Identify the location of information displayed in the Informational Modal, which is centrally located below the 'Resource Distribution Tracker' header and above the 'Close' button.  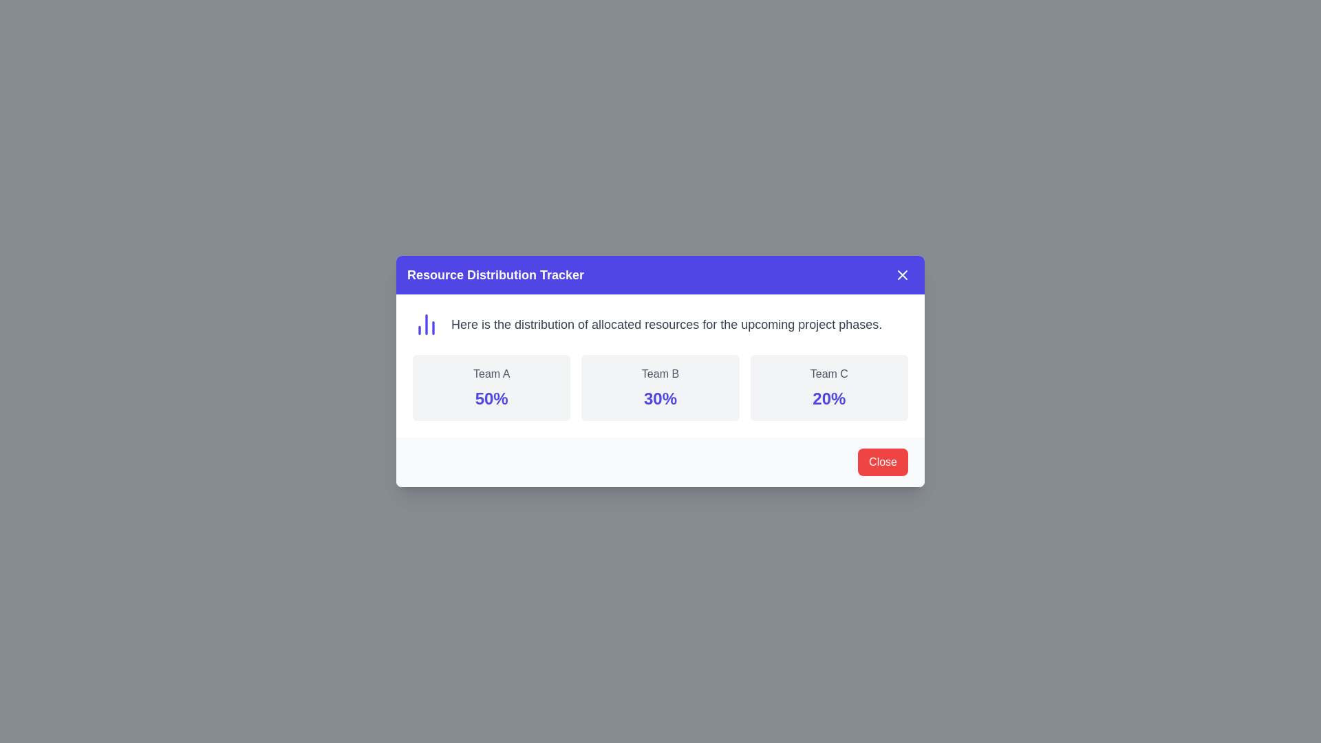
(660, 371).